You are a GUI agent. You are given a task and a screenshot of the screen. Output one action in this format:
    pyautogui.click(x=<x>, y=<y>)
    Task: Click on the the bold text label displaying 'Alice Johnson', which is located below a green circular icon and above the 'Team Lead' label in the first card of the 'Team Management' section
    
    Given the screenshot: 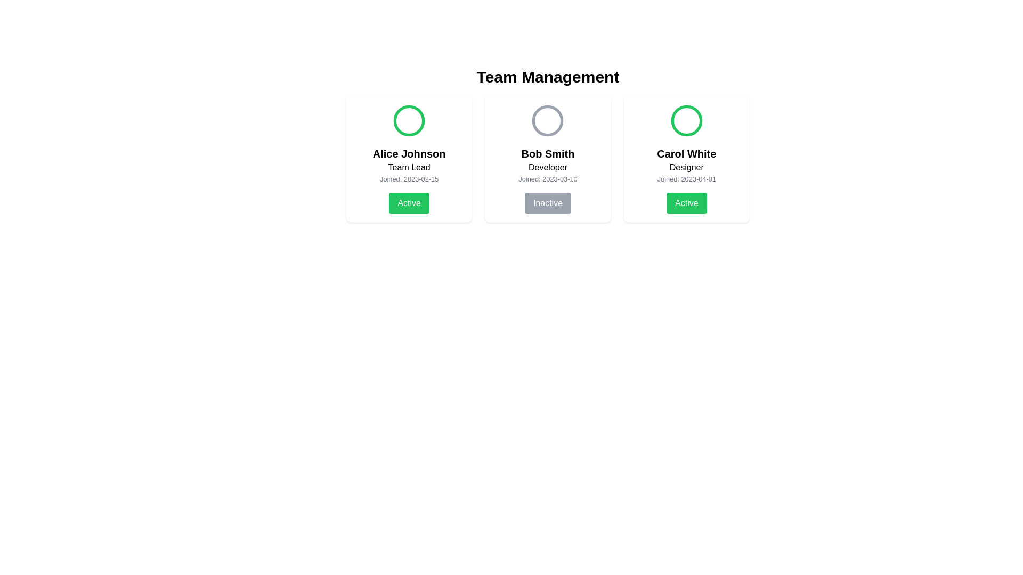 What is the action you would take?
    pyautogui.click(x=409, y=154)
    